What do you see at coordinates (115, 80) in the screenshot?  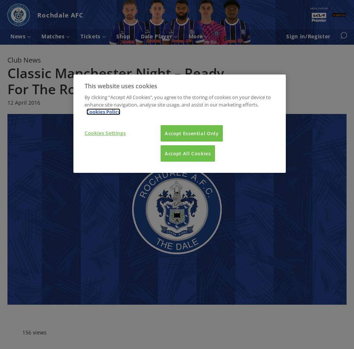 I see `'Classic Manchester Night – Ready For The Roses'` at bounding box center [115, 80].